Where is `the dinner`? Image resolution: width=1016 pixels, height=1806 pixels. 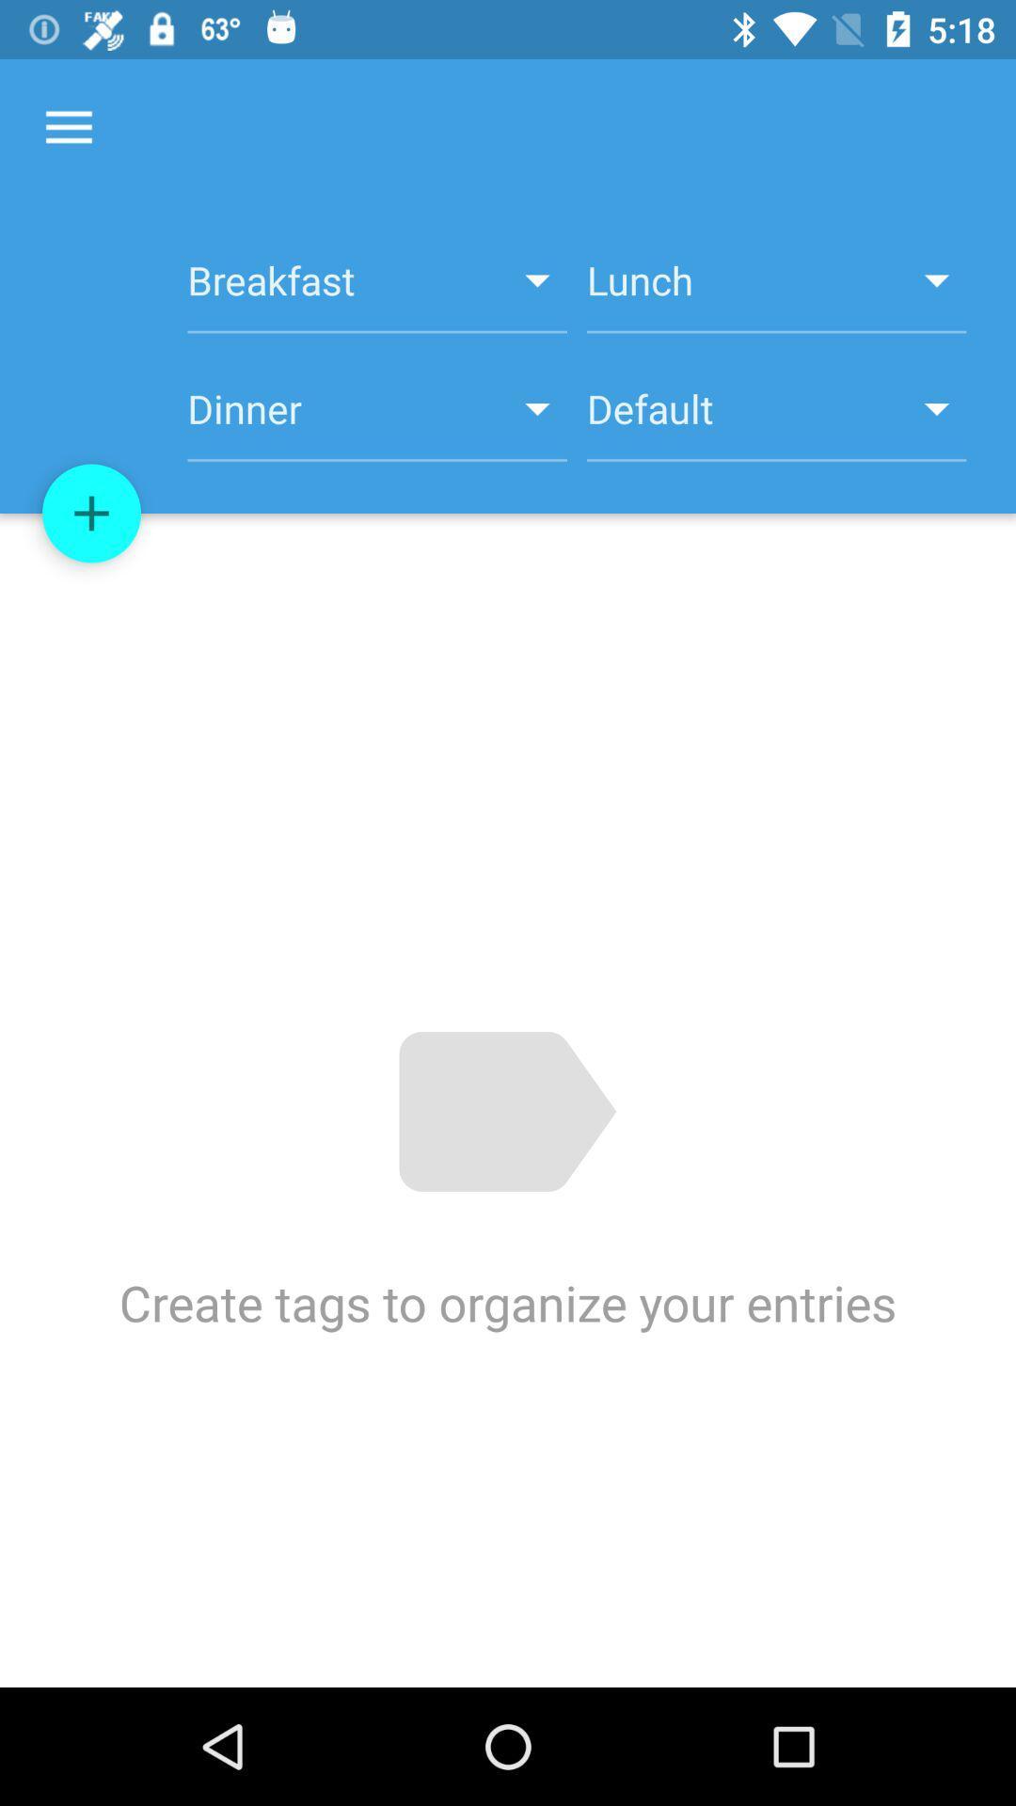
the dinner is located at coordinates (377, 419).